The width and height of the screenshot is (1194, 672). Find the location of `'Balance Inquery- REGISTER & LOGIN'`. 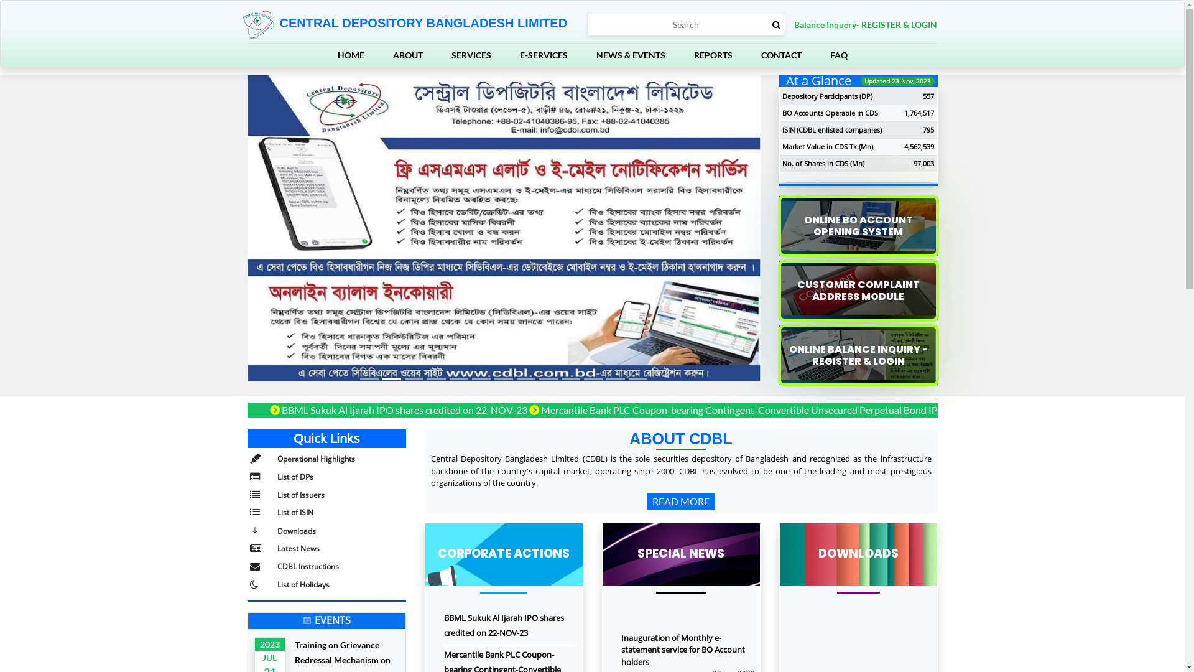

'Balance Inquery- REGISTER & LOGIN' is located at coordinates (864, 24).